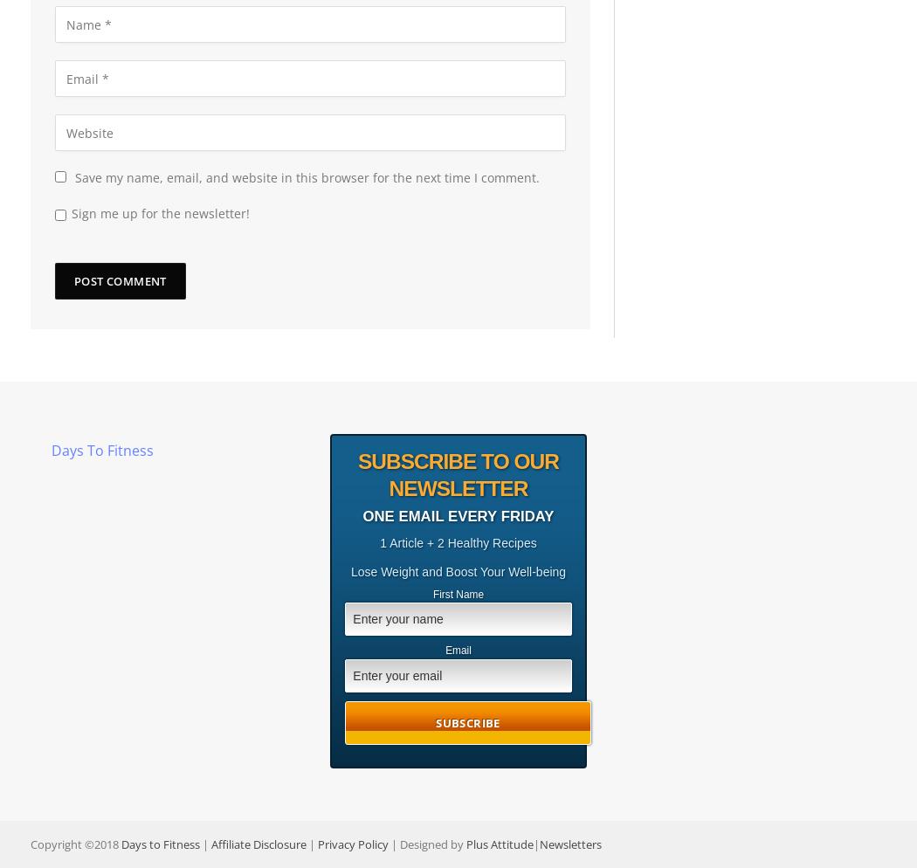 The height and width of the screenshot is (868, 917). Describe the element at coordinates (160, 213) in the screenshot. I see `'Sign me up for the newsletter!'` at that location.